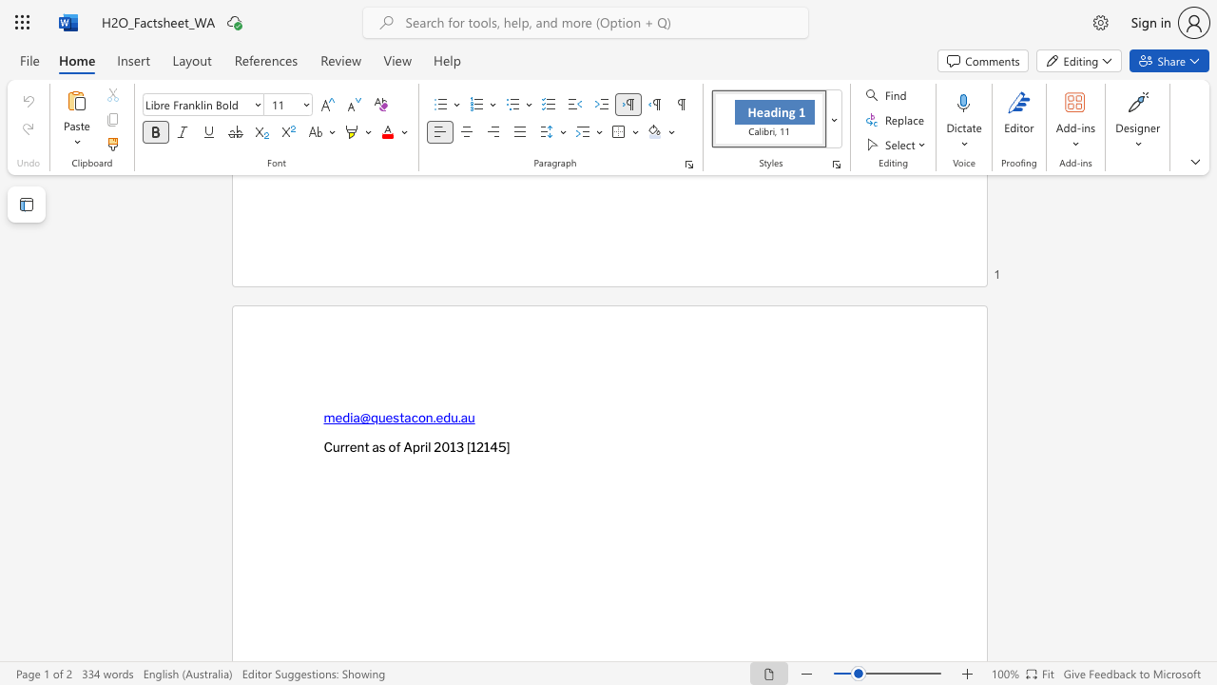 The height and width of the screenshot is (685, 1217). I want to click on the subset text "ent as of A" within the text "Current as of April 2013 [12145]", so click(349, 446).